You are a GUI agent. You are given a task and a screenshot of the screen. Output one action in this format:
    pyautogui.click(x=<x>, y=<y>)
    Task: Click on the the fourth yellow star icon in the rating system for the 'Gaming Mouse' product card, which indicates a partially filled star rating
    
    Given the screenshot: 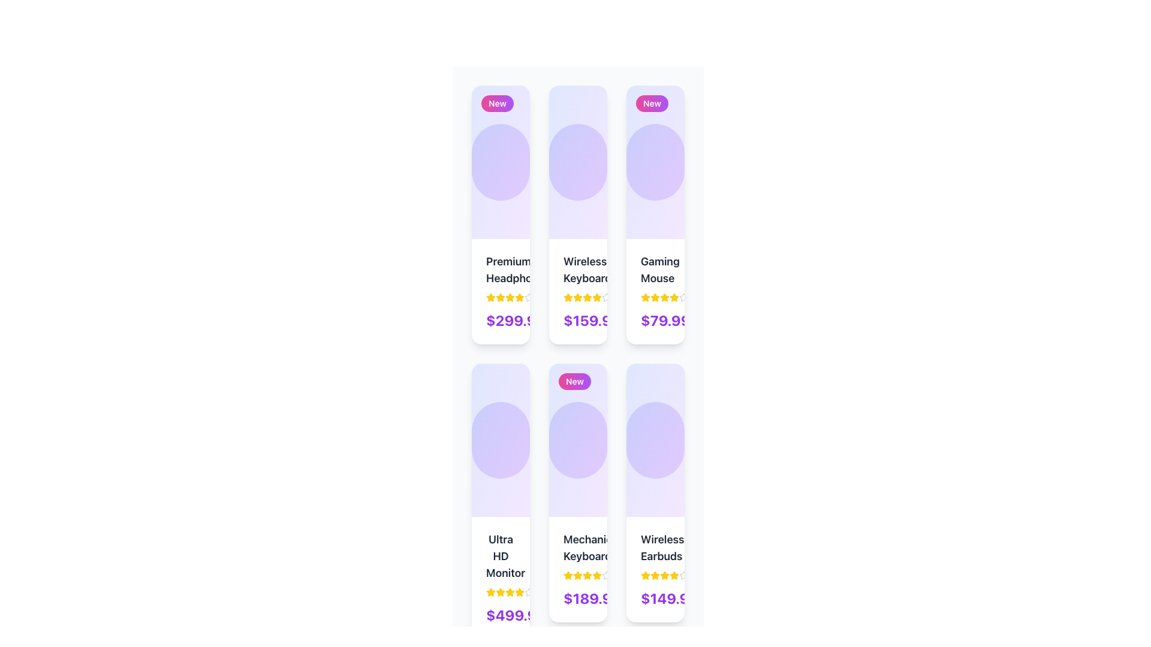 What is the action you would take?
    pyautogui.click(x=664, y=297)
    